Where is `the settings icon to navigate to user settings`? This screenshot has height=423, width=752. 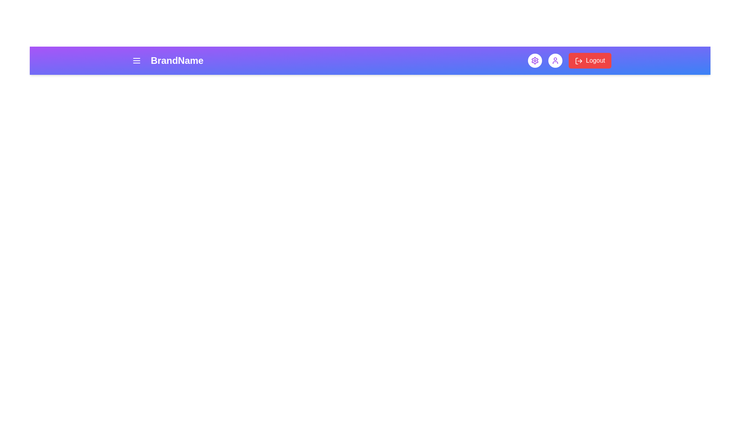 the settings icon to navigate to user settings is located at coordinates (535, 60).